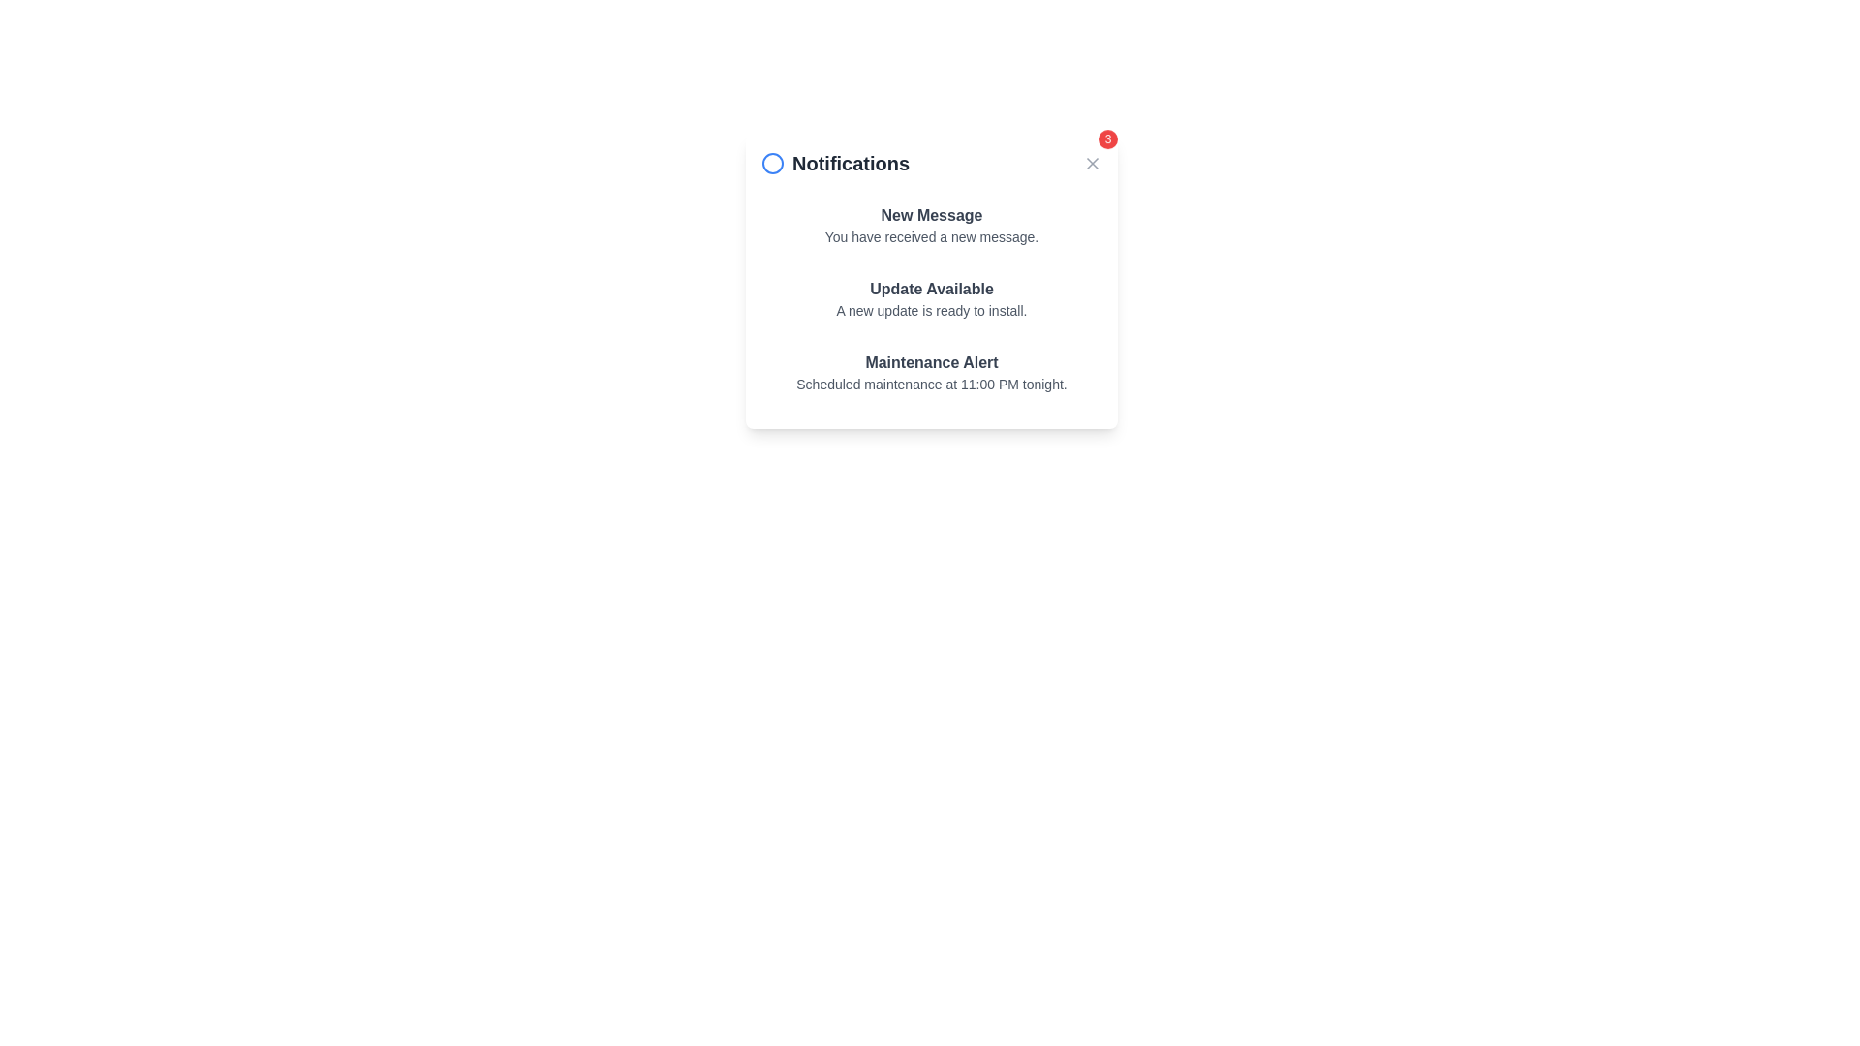  I want to click on the first notification item in the notification panel, so click(931, 224).